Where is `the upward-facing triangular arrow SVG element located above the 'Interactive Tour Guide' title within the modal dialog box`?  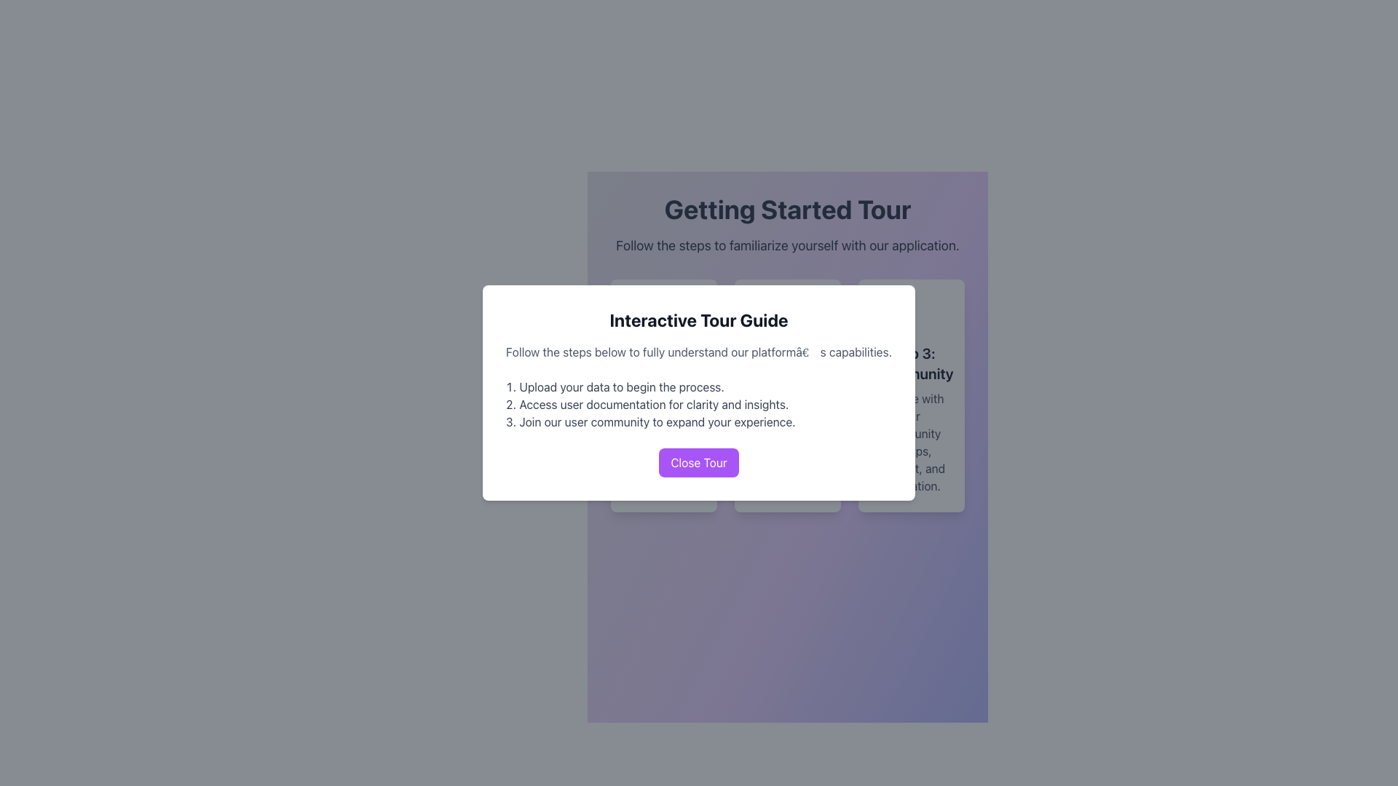 the upward-facing triangular arrow SVG element located above the 'Interactive Tour Guide' title within the modal dialog box is located at coordinates (645, 304).